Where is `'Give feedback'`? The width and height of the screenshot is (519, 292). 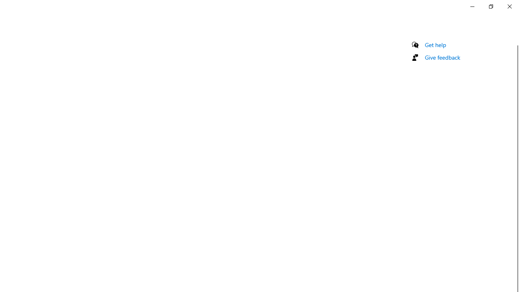 'Give feedback' is located at coordinates (442, 57).